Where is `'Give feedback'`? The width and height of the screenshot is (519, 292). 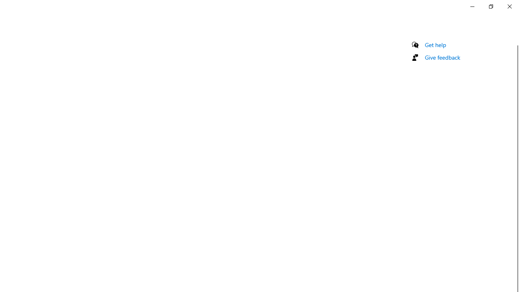 'Give feedback' is located at coordinates (442, 57).